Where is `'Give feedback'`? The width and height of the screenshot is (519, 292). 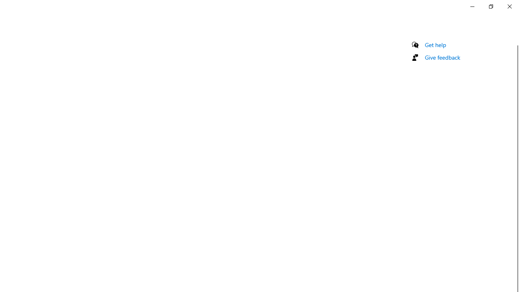 'Give feedback' is located at coordinates (442, 57).